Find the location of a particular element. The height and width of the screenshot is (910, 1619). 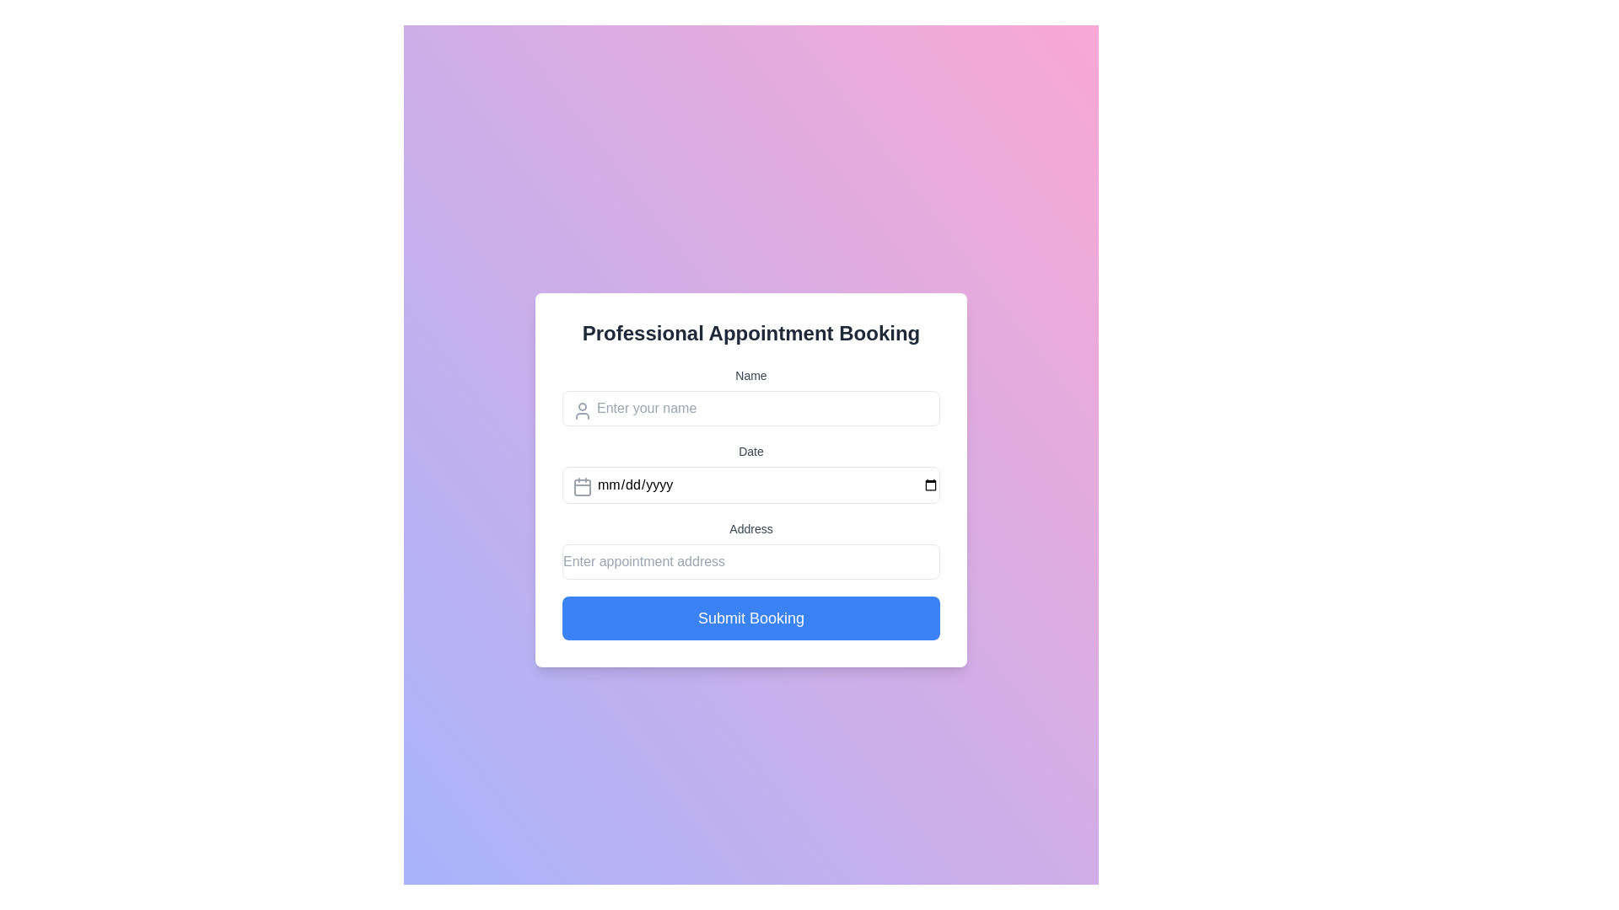

the address input field in the 'Professional Appointment Booking' panel by tabbing to it, which is the third input field below 'Name' and 'Date' is located at coordinates (750, 549).